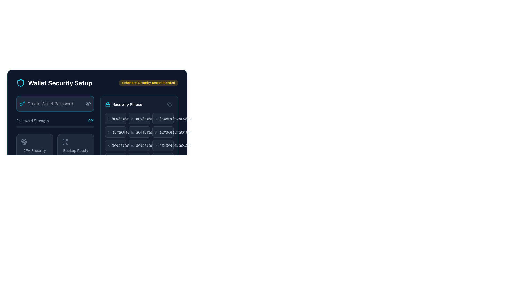 The width and height of the screenshot is (513, 288). I want to click on the second component box with text fields, which has a dark slate-colored background and contains a numeric indicator '2.' and concealed symbols, so click(139, 118).